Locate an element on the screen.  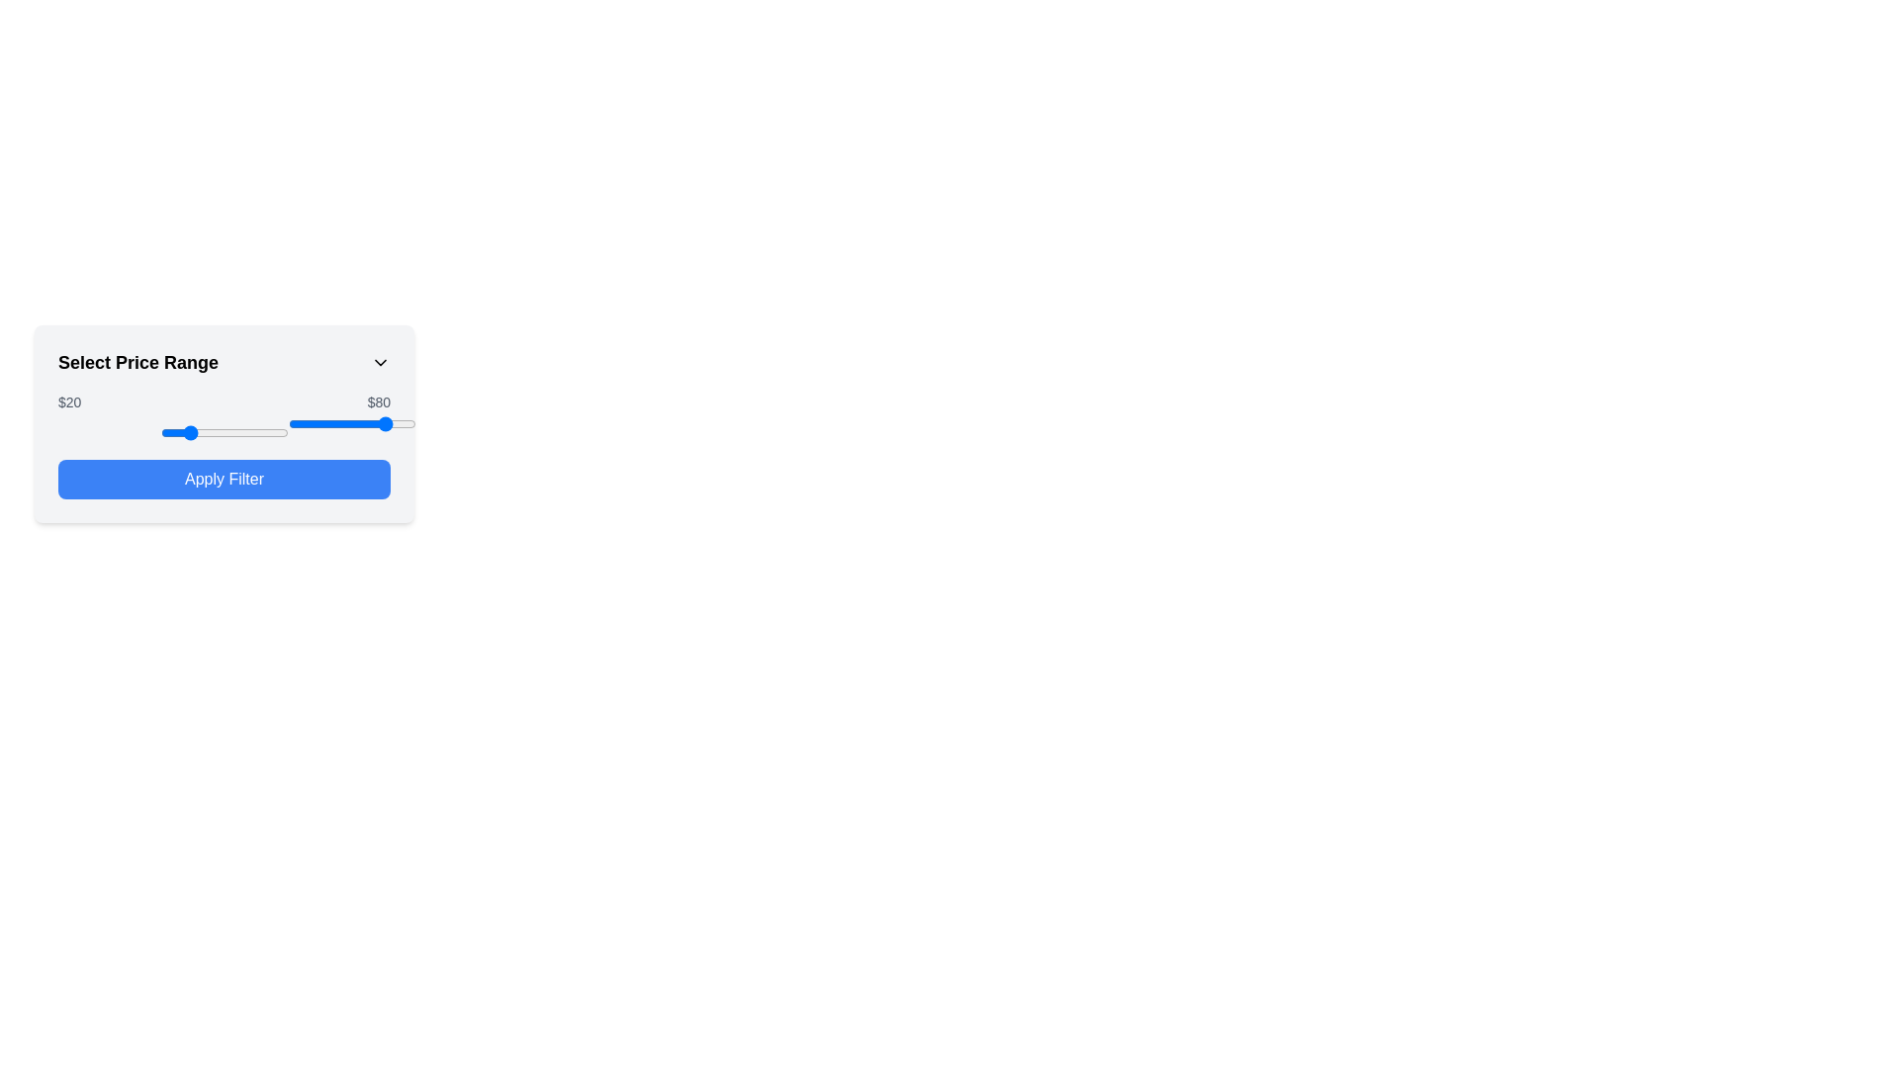
the slider value is located at coordinates (270, 432).